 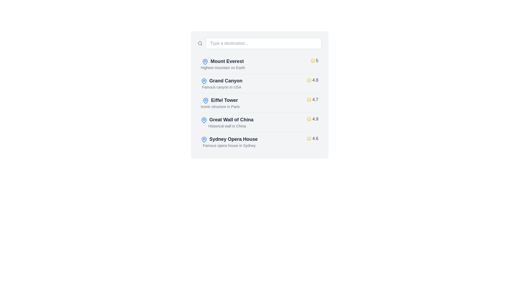 I want to click on the text block displaying the name and description of Mount Everest, so click(x=223, y=63).